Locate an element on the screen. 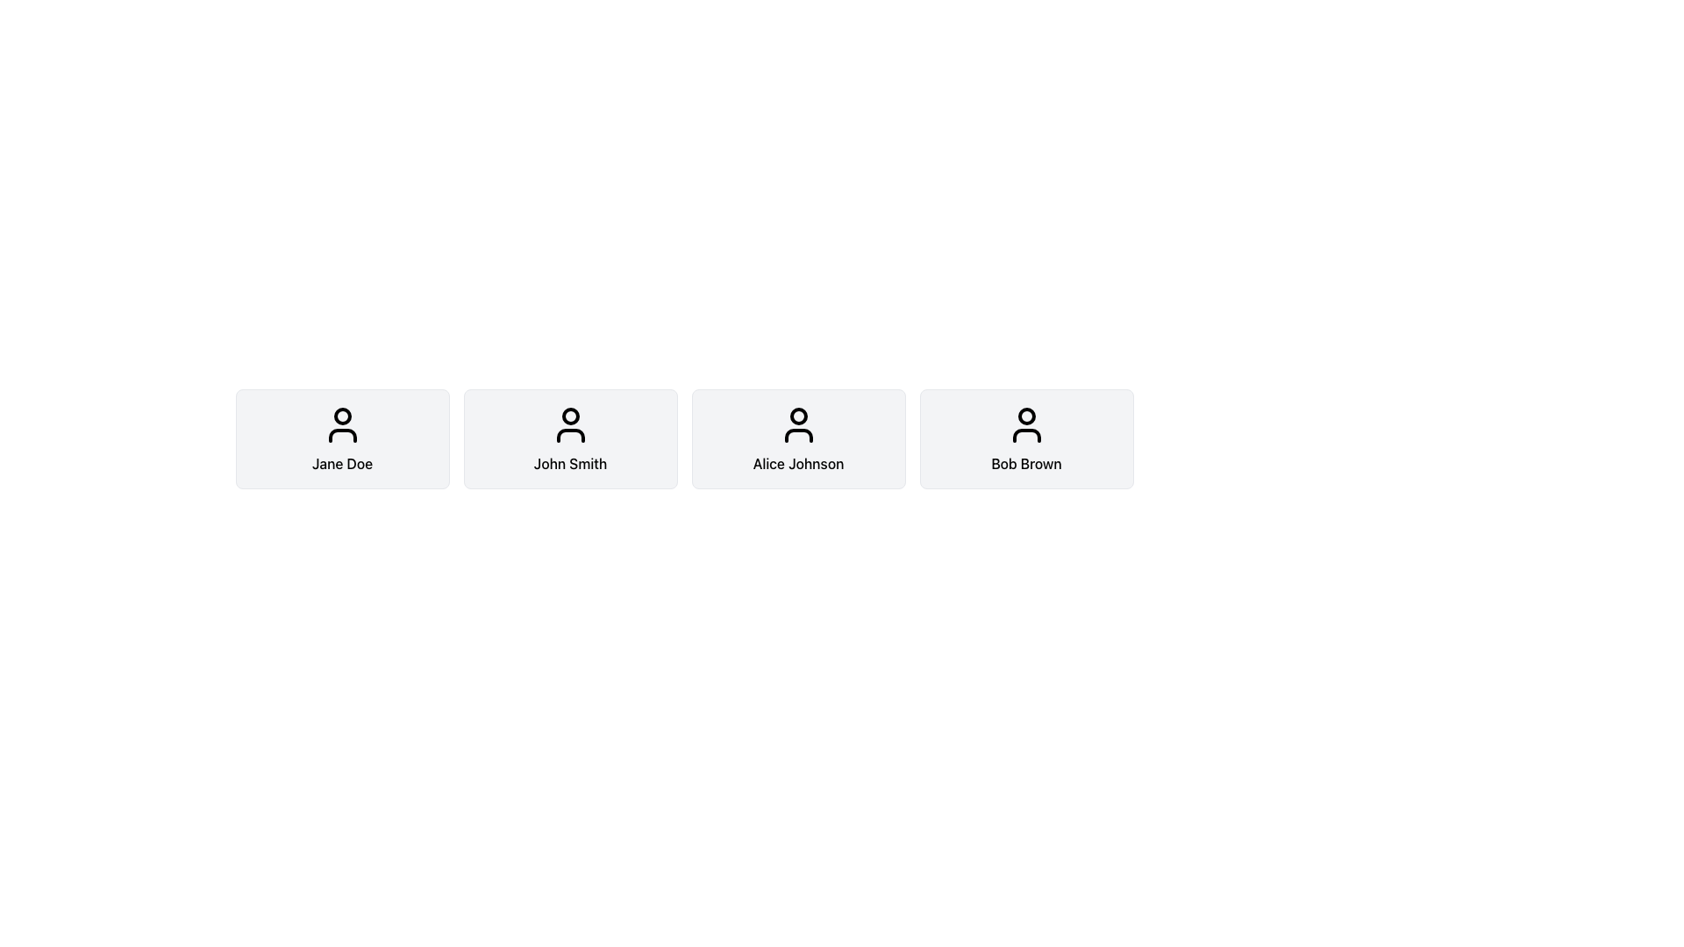  the circular user avatar icon with a black stroke and white interior, located above the text 'Jane Doe' in the first card of a horizontal list is located at coordinates (342, 416).